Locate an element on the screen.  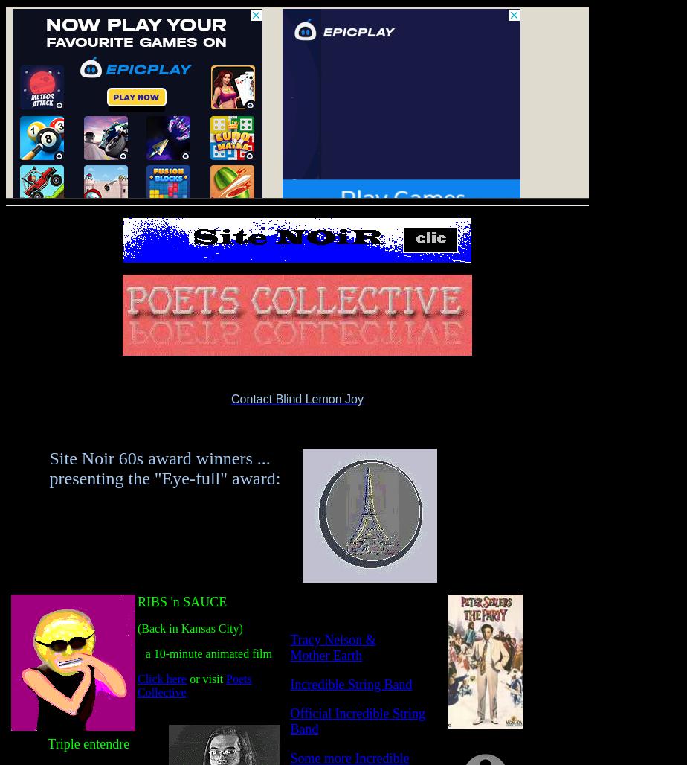
'Incredible String Band' is located at coordinates (350, 684).